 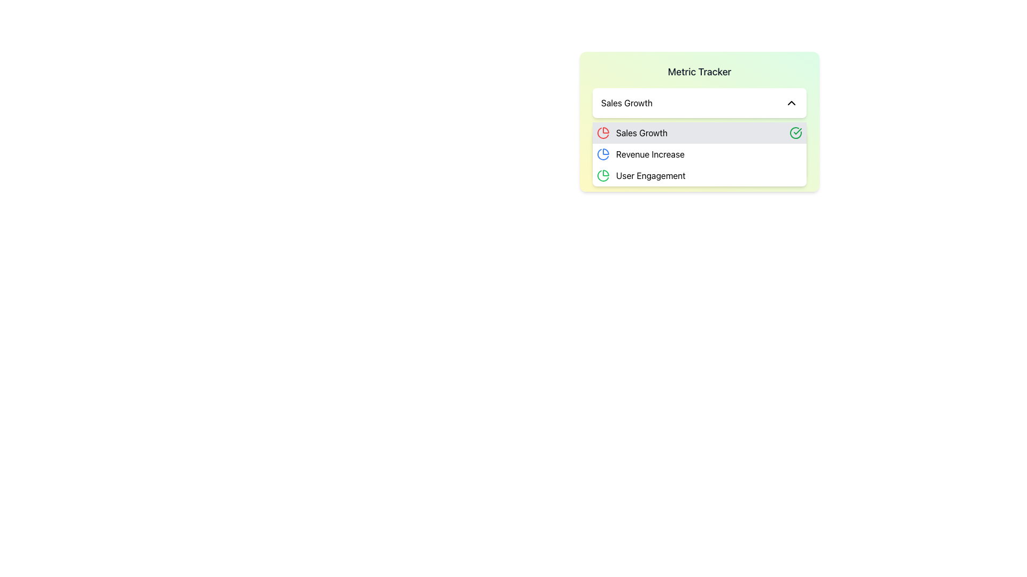 What do you see at coordinates (641, 132) in the screenshot?
I see `the 'Sales Growth' text label, which serves to identify this metric within a list of selectable metrics` at bounding box center [641, 132].